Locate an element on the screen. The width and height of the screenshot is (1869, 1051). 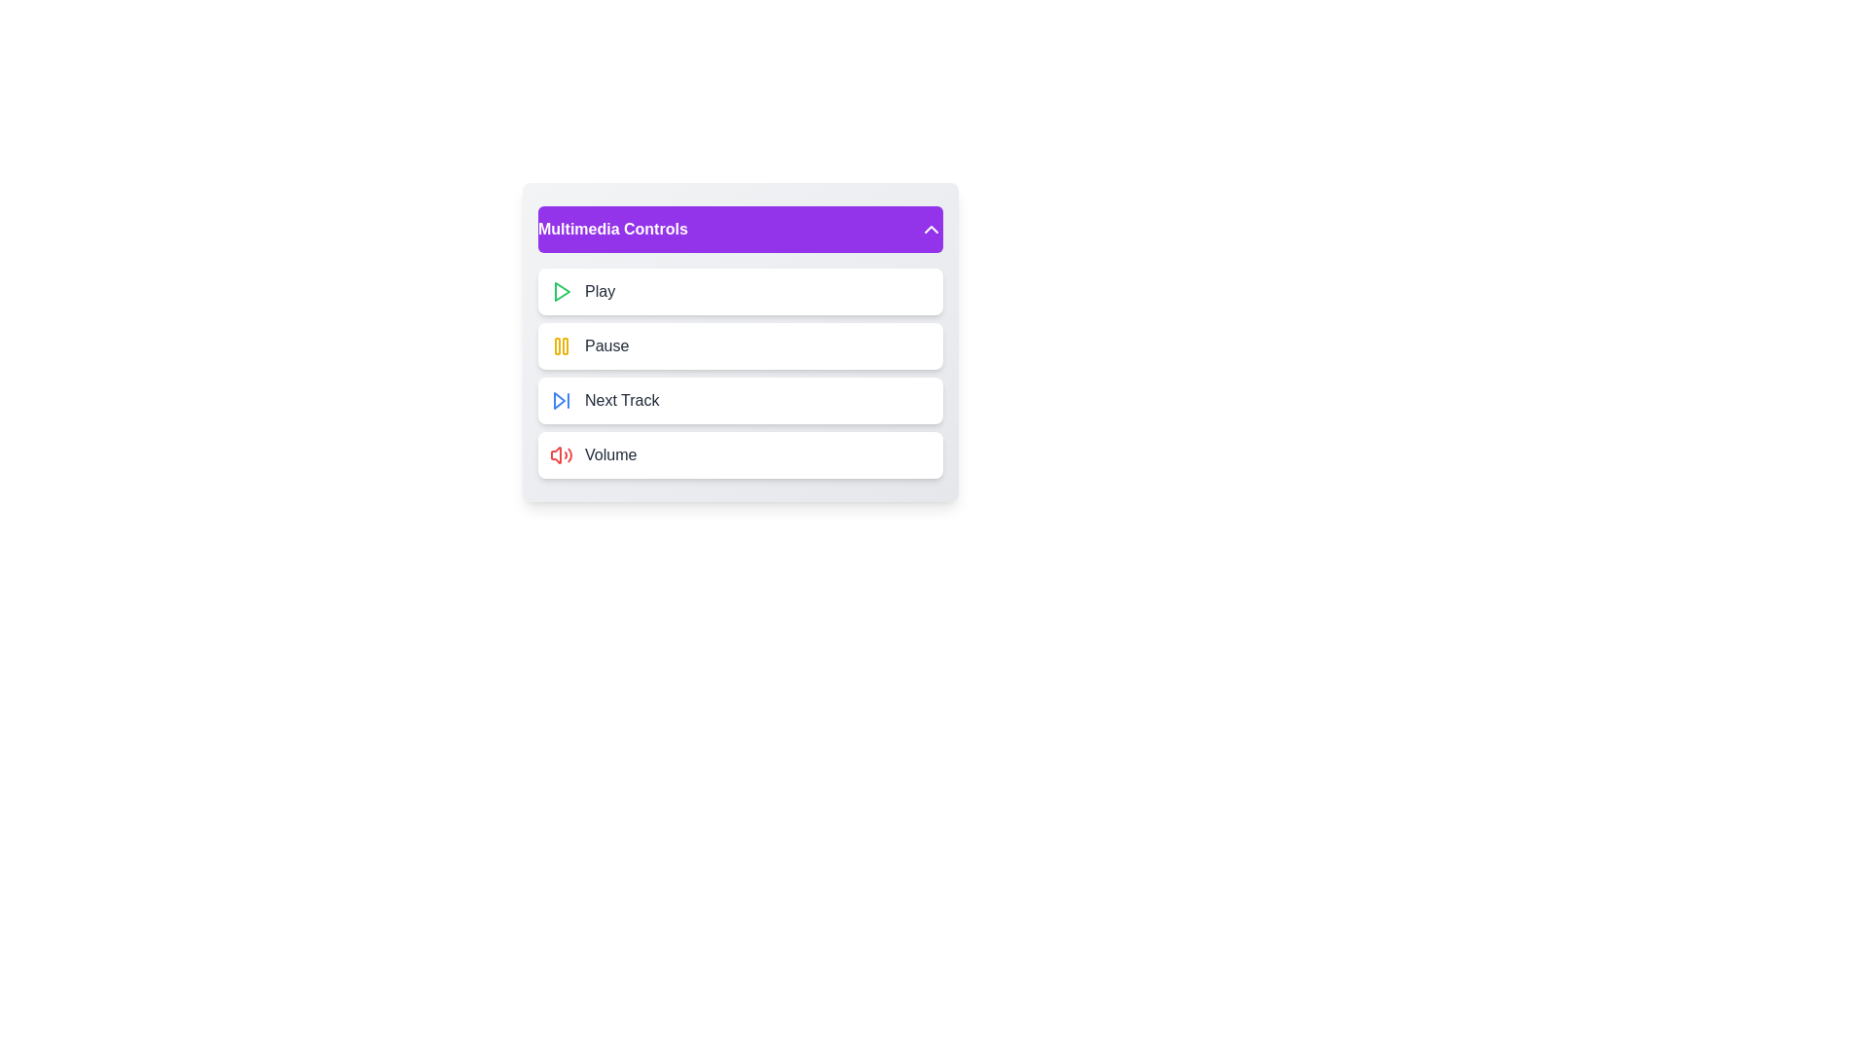
the 'Next Track' text label, which is the third item in the 'Multimedia Controls' section, positioned below 'Pause' and above 'Volume' is located at coordinates (621, 400).